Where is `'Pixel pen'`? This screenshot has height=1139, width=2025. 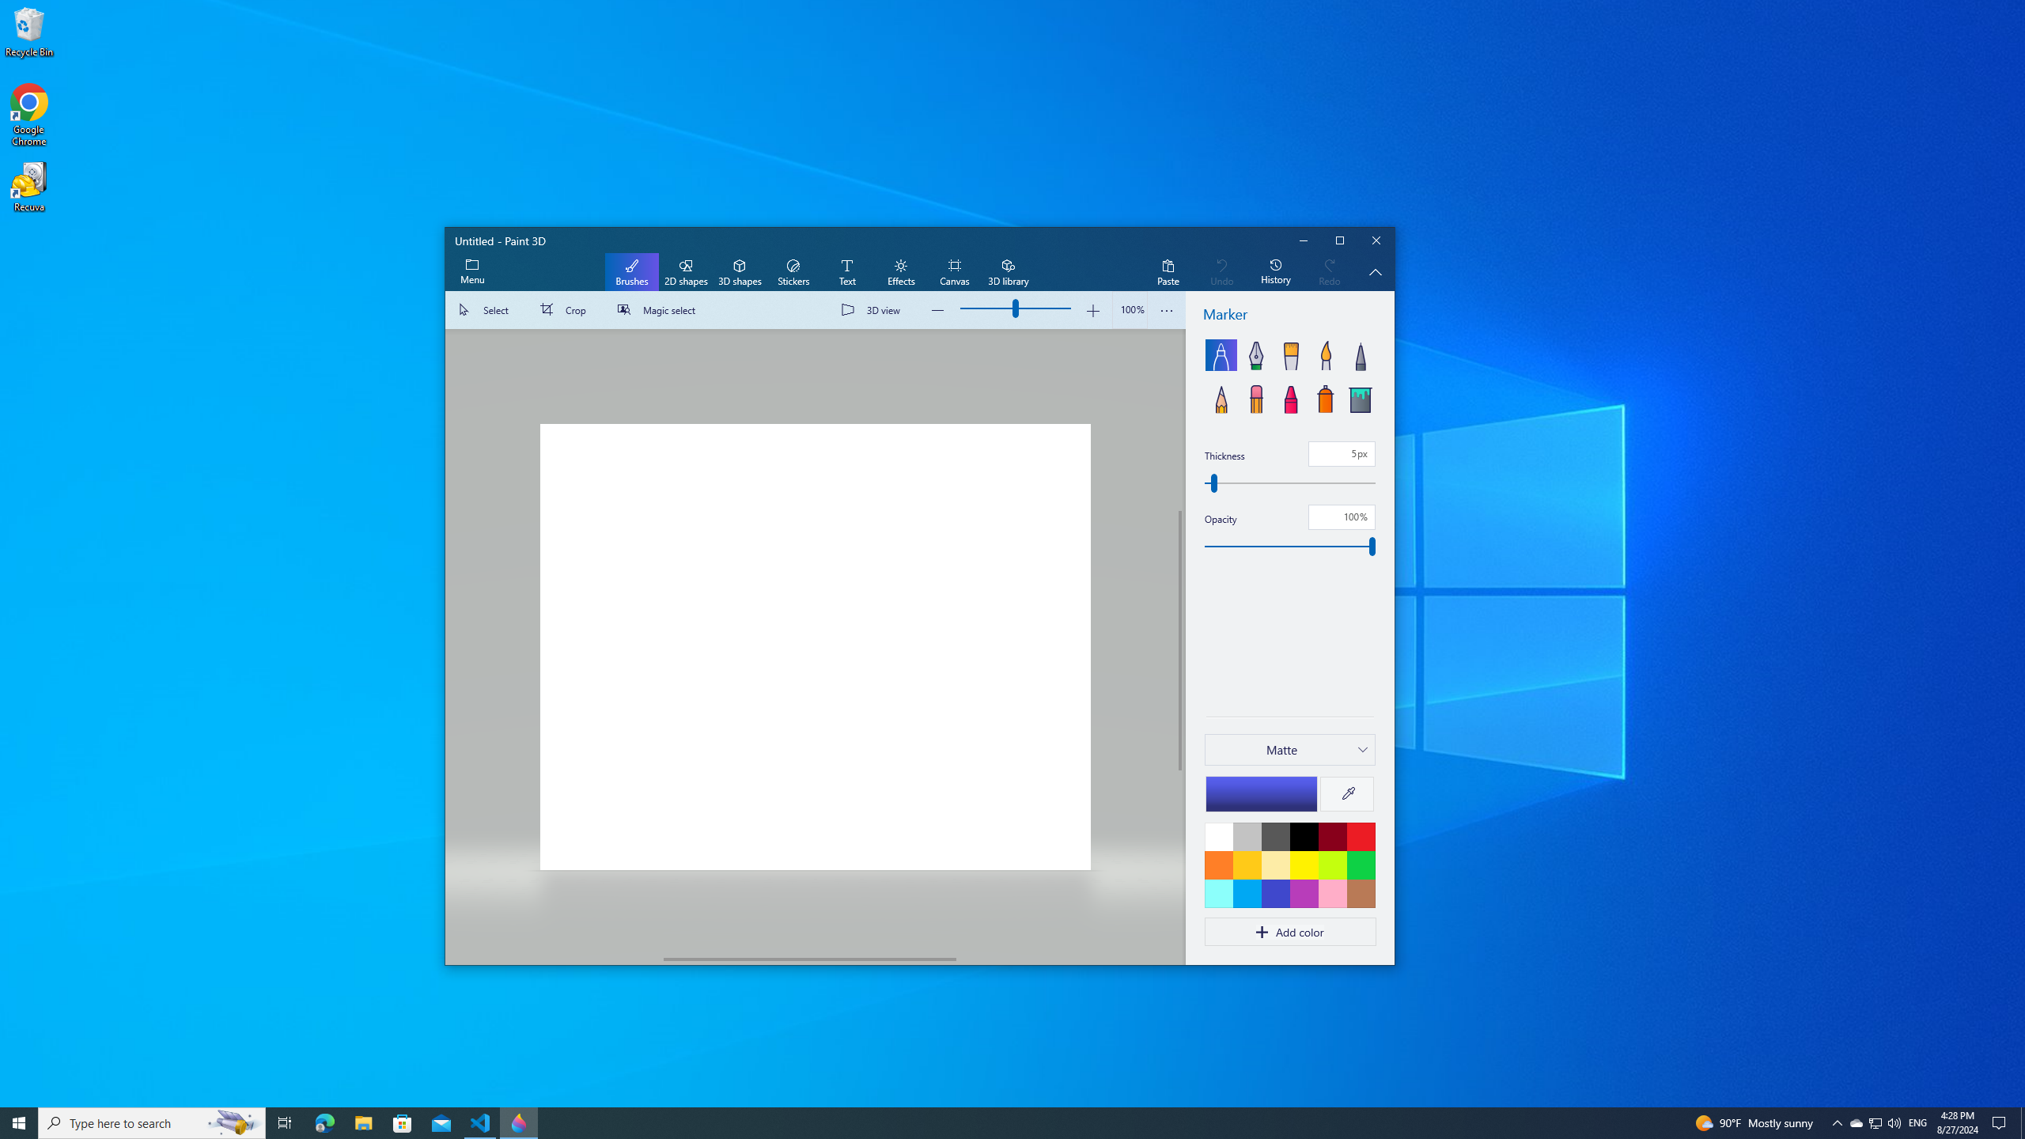
'Pixel pen' is located at coordinates (1361, 354).